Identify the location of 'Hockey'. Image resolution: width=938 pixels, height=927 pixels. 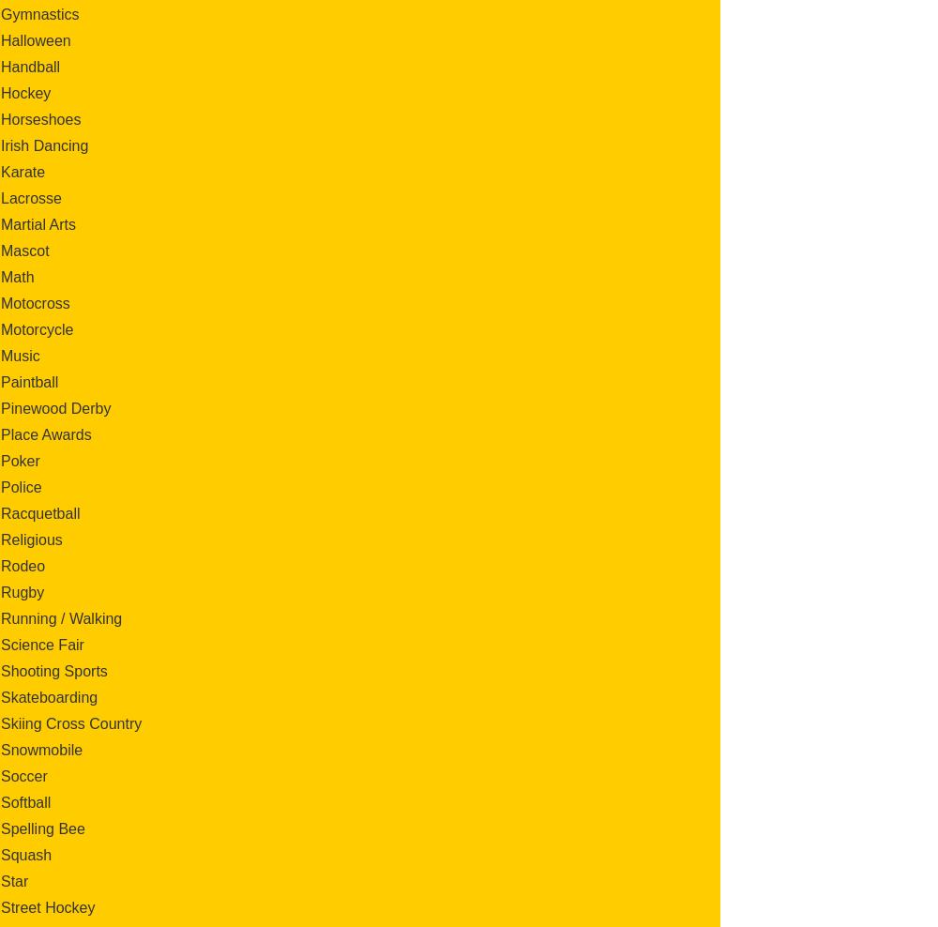
(25, 92).